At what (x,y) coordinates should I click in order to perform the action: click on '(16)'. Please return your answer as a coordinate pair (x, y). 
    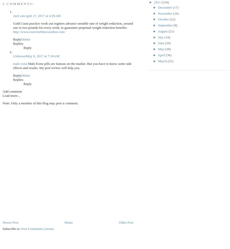
    Looking at the image, I should click on (176, 13).